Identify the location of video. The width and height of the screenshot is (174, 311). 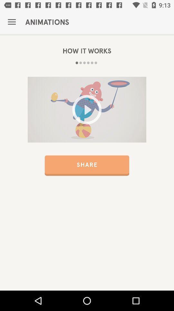
(87, 109).